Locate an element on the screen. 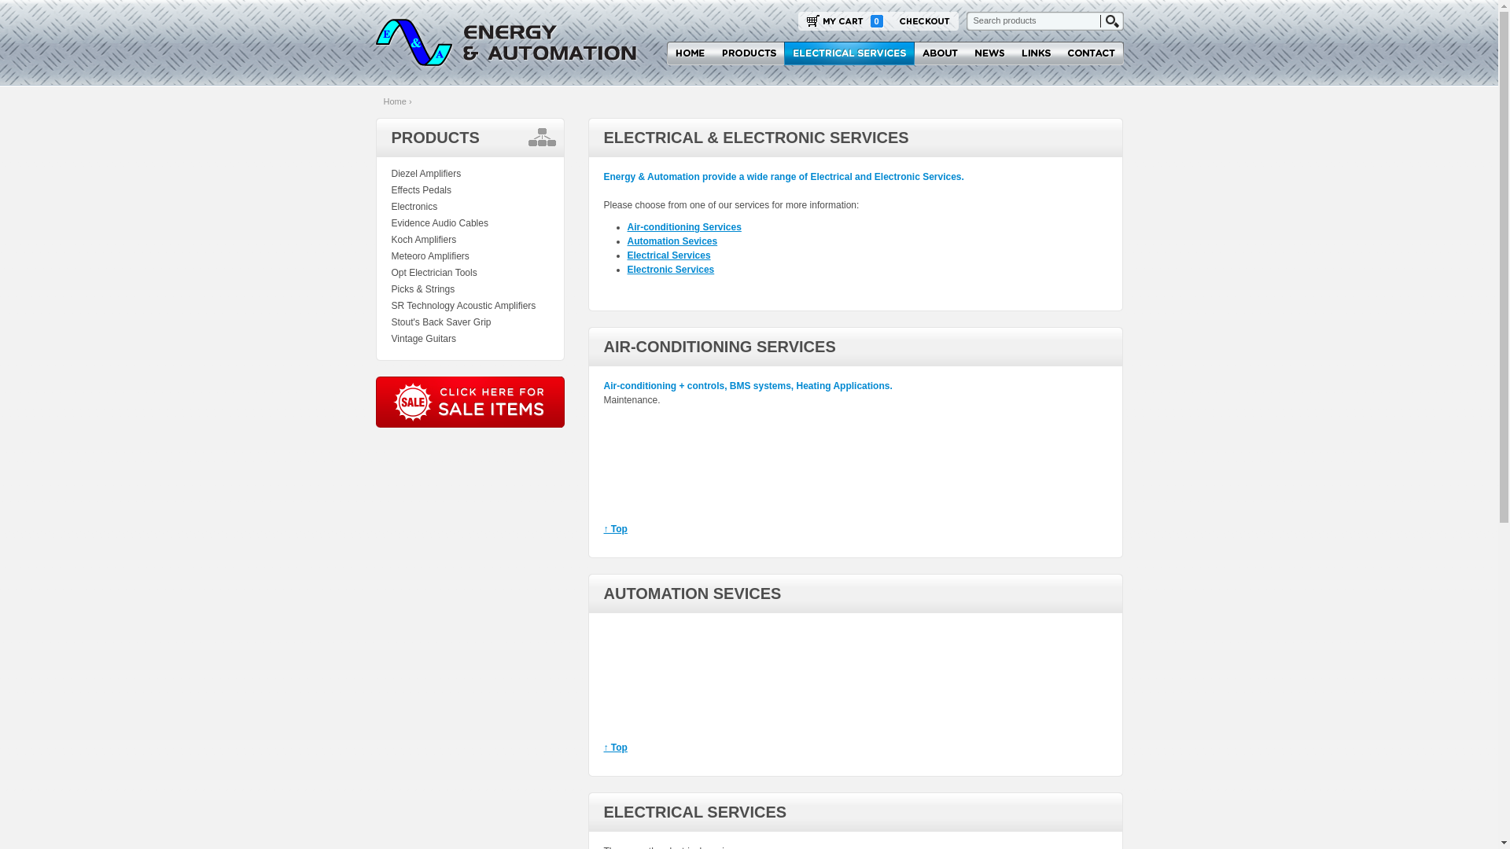 The image size is (1510, 849). 'Electronics' is located at coordinates (414, 206).